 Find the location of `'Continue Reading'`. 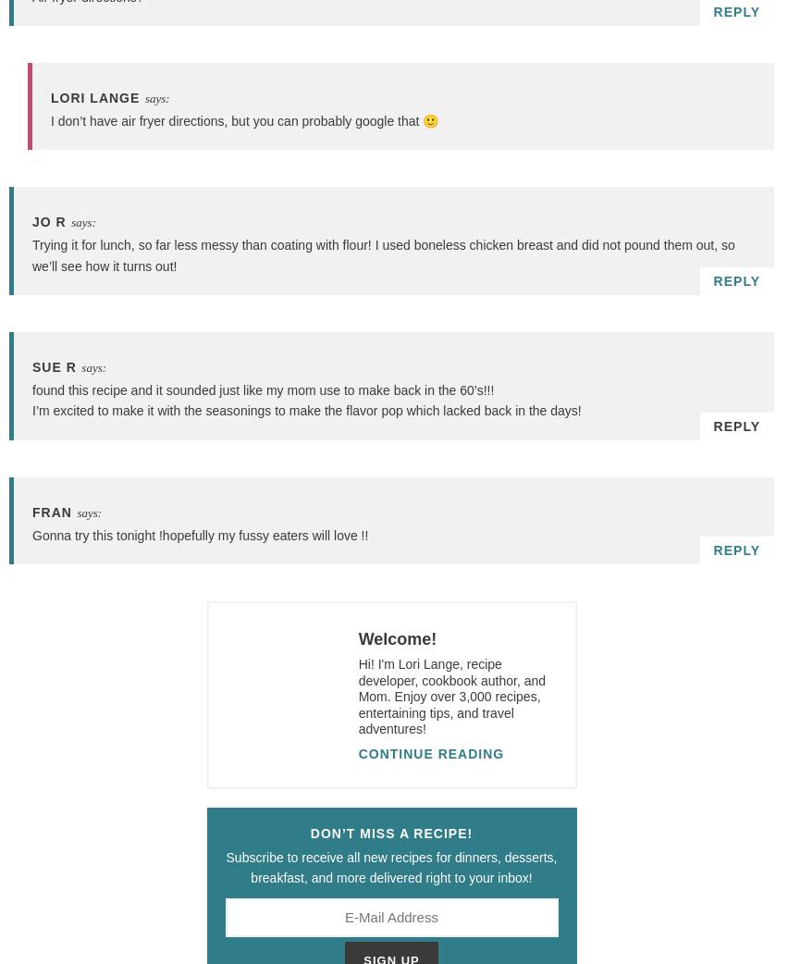

'Continue Reading' is located at coordinates (430, 753).